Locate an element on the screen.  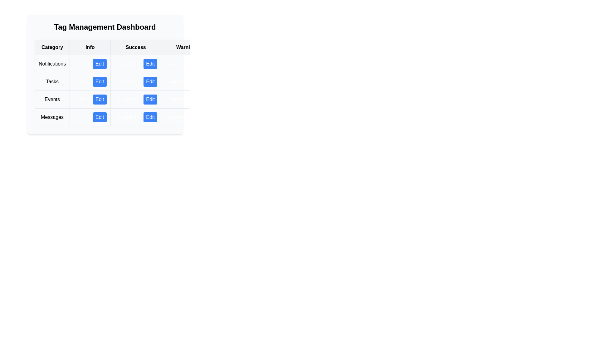
the content of the green rounded pill-shaped label displaying 'success' in the Composite of a status label and a button is located at coordinates (135, 117).